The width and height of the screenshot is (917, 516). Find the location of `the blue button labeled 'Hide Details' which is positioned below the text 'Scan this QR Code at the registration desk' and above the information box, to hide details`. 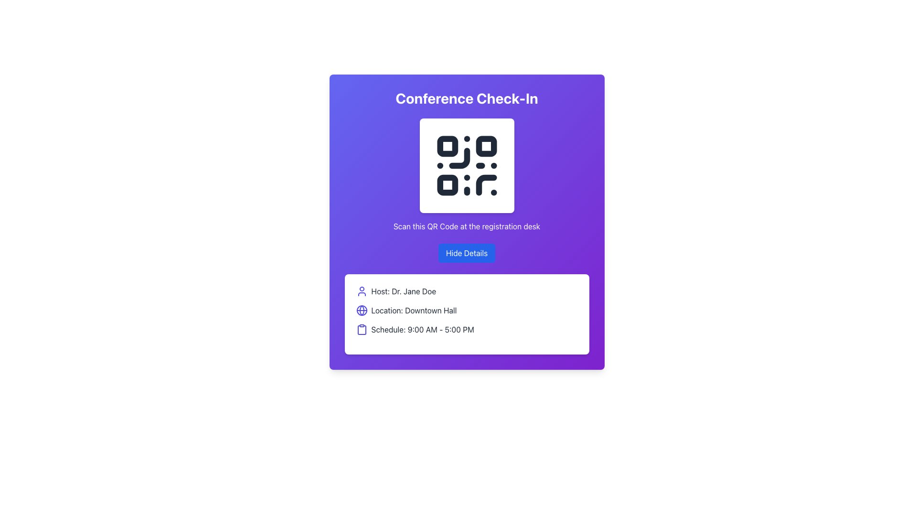

the blue button labeled 'Hide Details' which is positioned below the text 'Scan this QR Code at the registration desk' and above the information box, to hide details is located at coordinates (467, 252).